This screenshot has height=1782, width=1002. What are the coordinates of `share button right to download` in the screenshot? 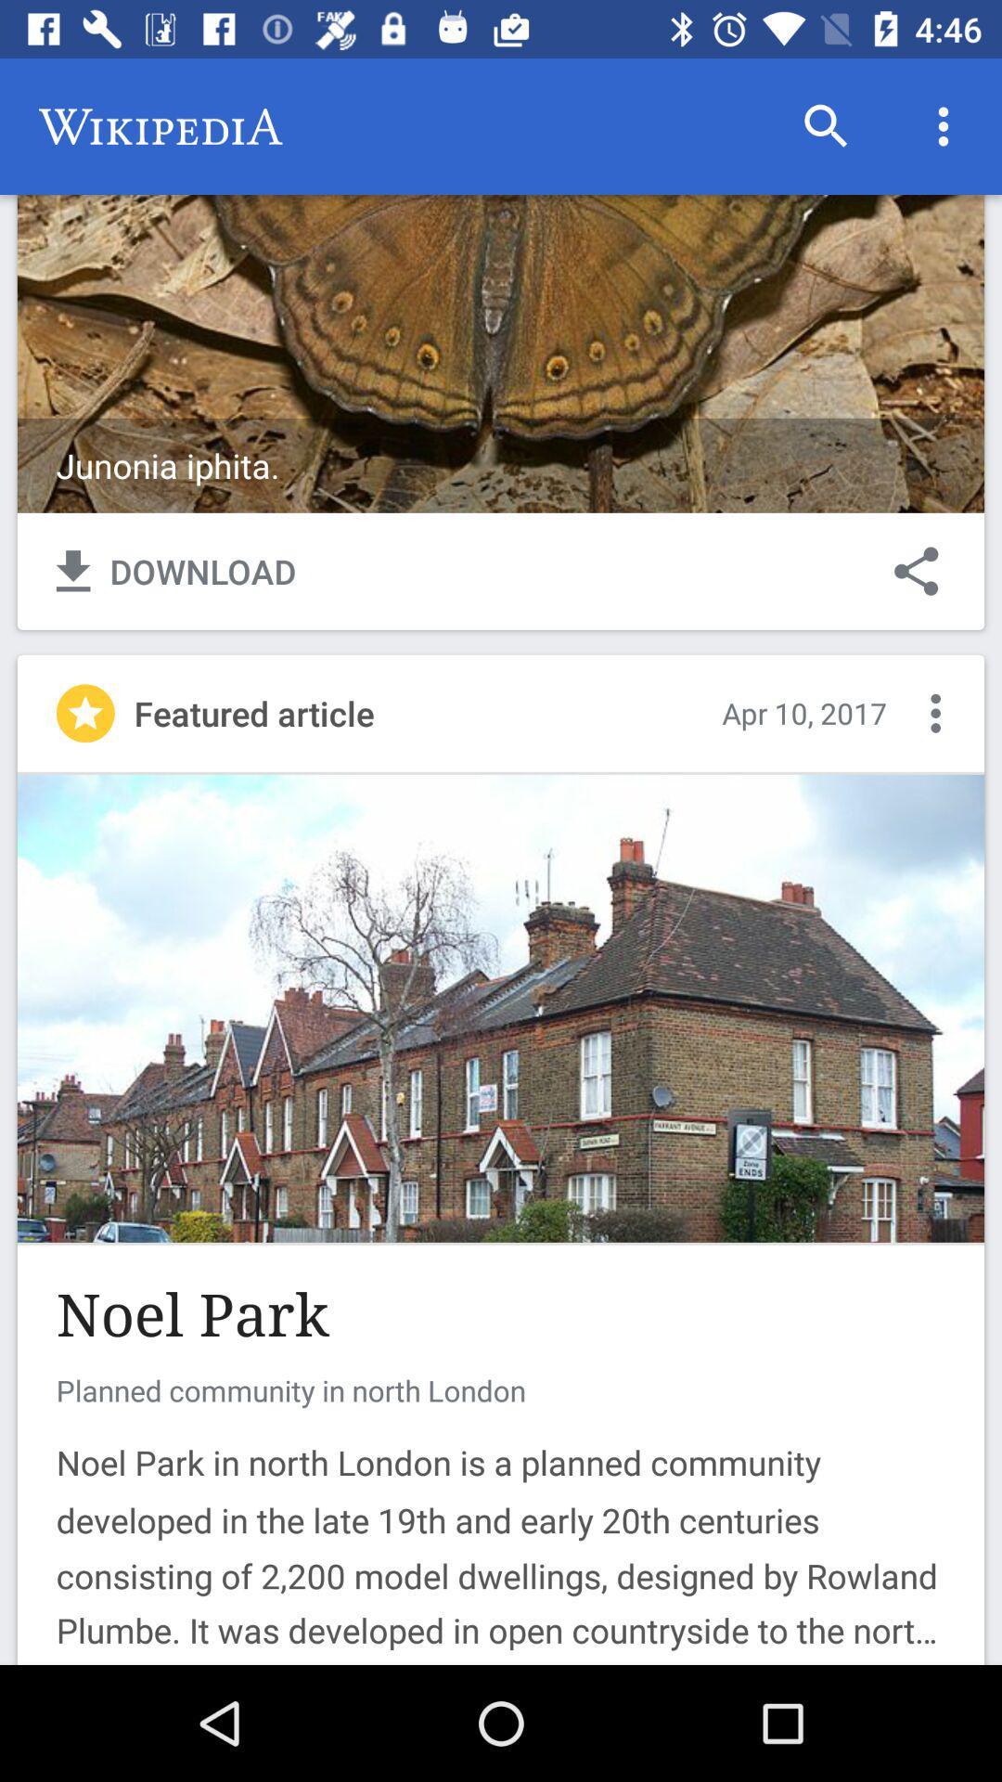 It's located at (915, 570).